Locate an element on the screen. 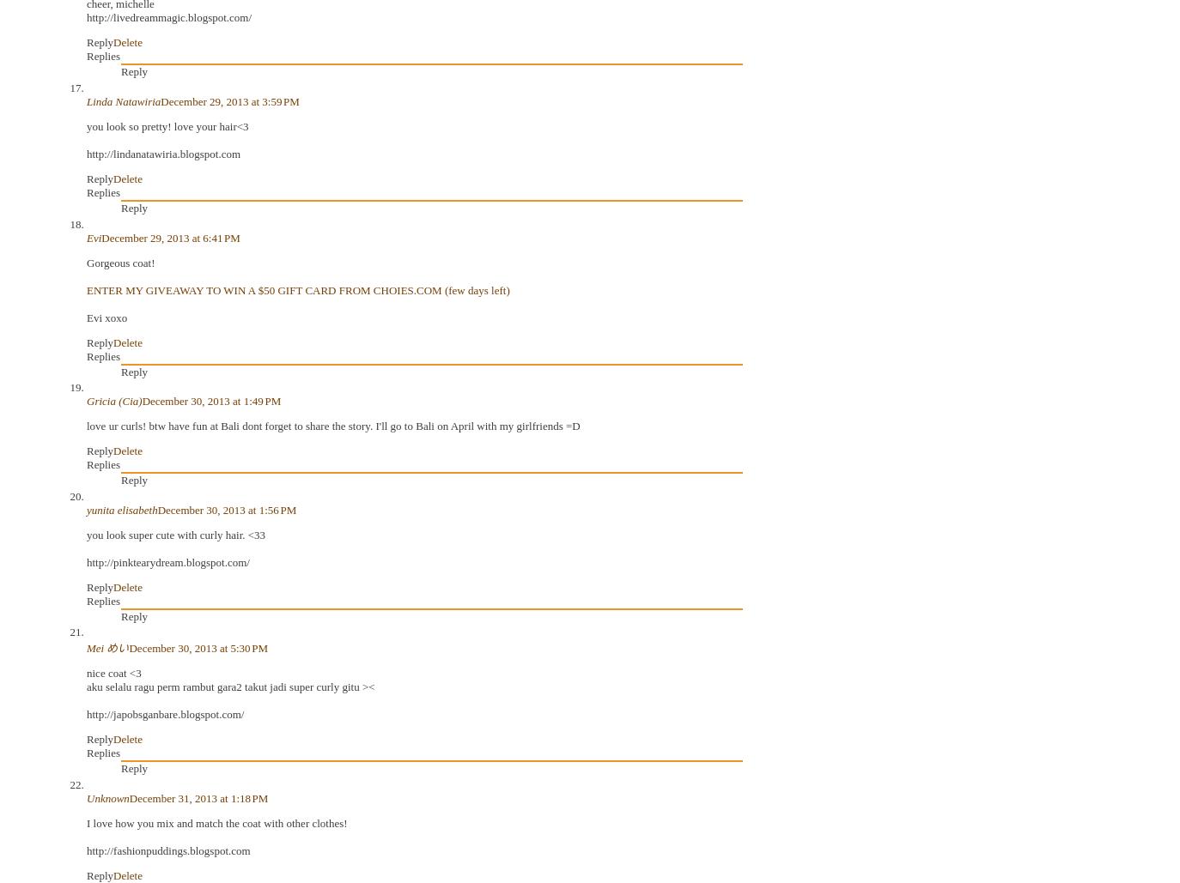 The image size is (1180, 883). 'Gricia (Cia)' is located at coordinates (113, 401).